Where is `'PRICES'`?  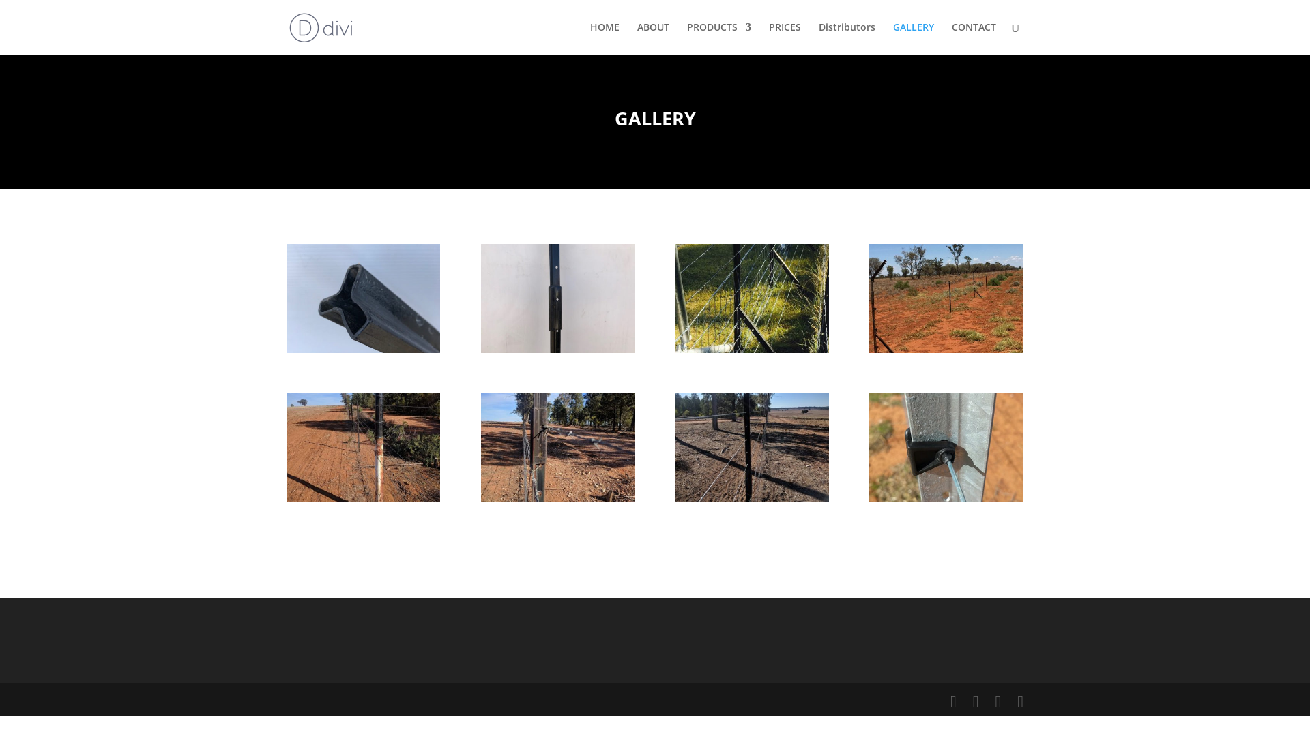
'PRICES' is located at coordinates (769, 37).